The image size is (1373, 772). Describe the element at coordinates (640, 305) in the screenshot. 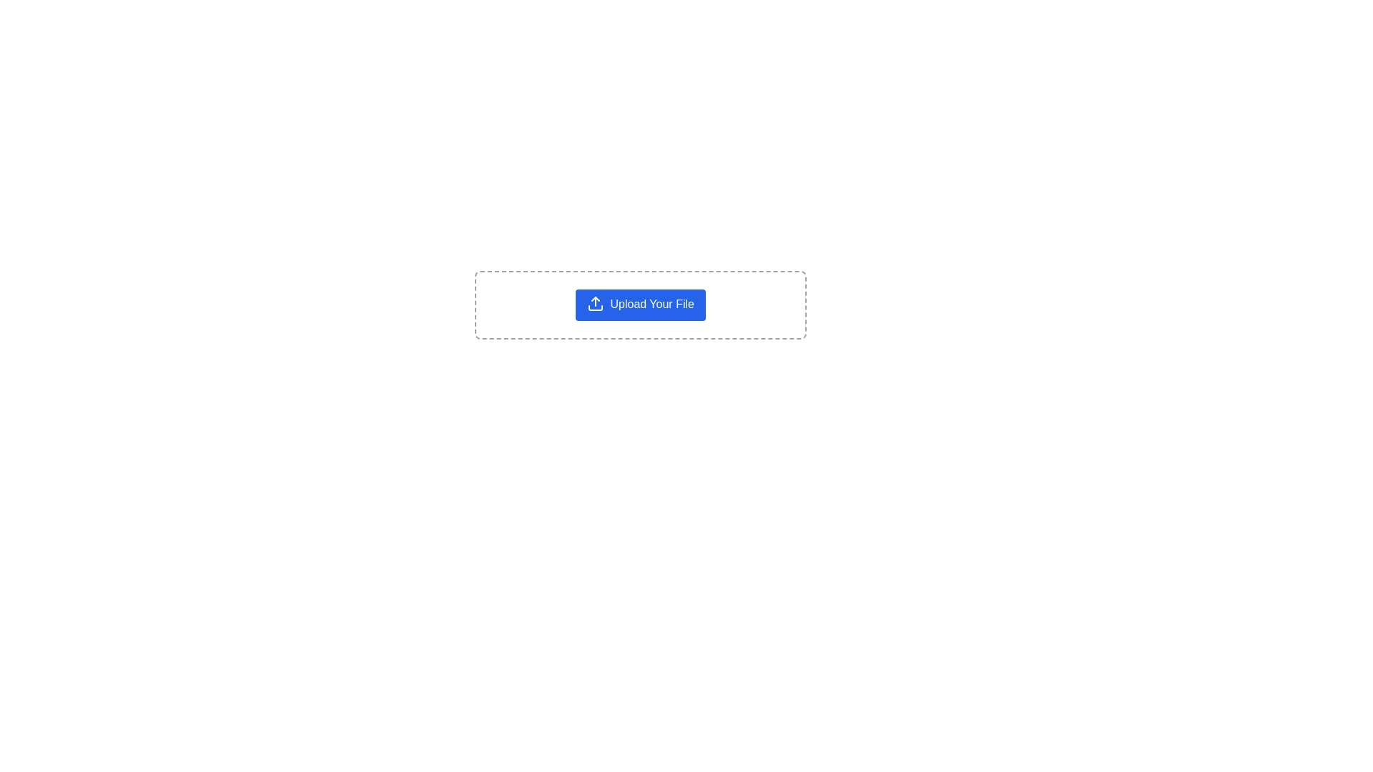

I see `the file upload button, which is centrally positioned in a bordered, dotted-line rectangle with rounded corners` at that location.